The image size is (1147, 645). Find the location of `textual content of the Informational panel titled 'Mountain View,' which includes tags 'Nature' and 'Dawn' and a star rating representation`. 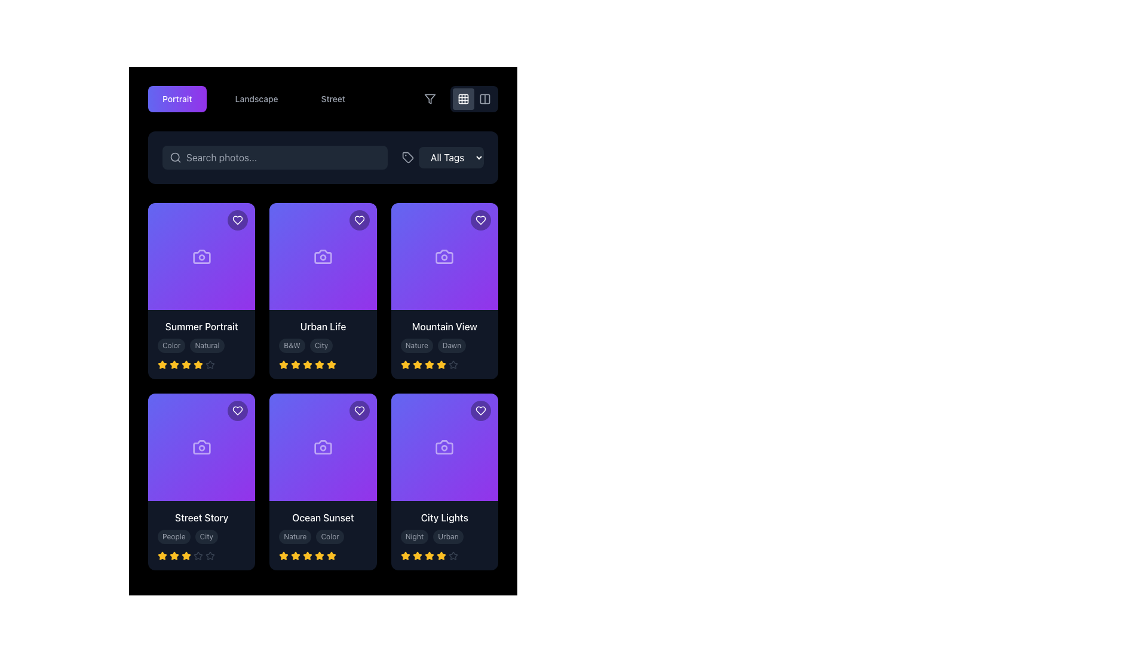

textual content of the Informational panel titled 'Mountain View,' which includes tags 'Nature' and 'Dawn' and a star rating representation is located at coordinates (444, 345).